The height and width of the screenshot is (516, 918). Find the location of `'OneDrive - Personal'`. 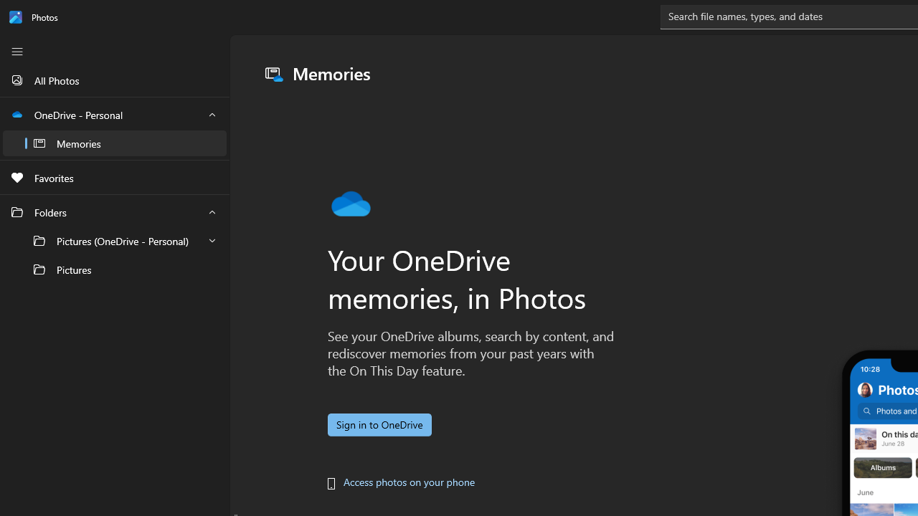

'OneDrive - Personal' is located at coordinates (115, 129).